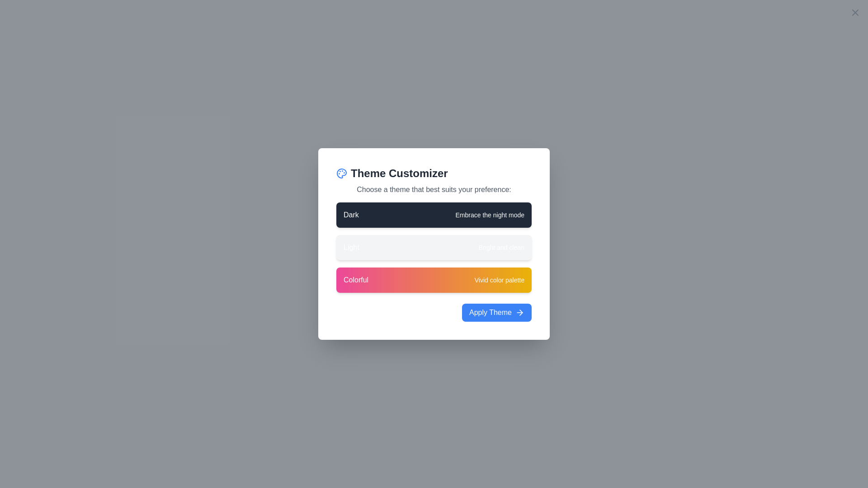 The image size is (868, 488). What do you see at coordinates (434, 244) in the screenshot?
I see `one of the theme options in the Modal dialog` at bounding box center [434, 244].